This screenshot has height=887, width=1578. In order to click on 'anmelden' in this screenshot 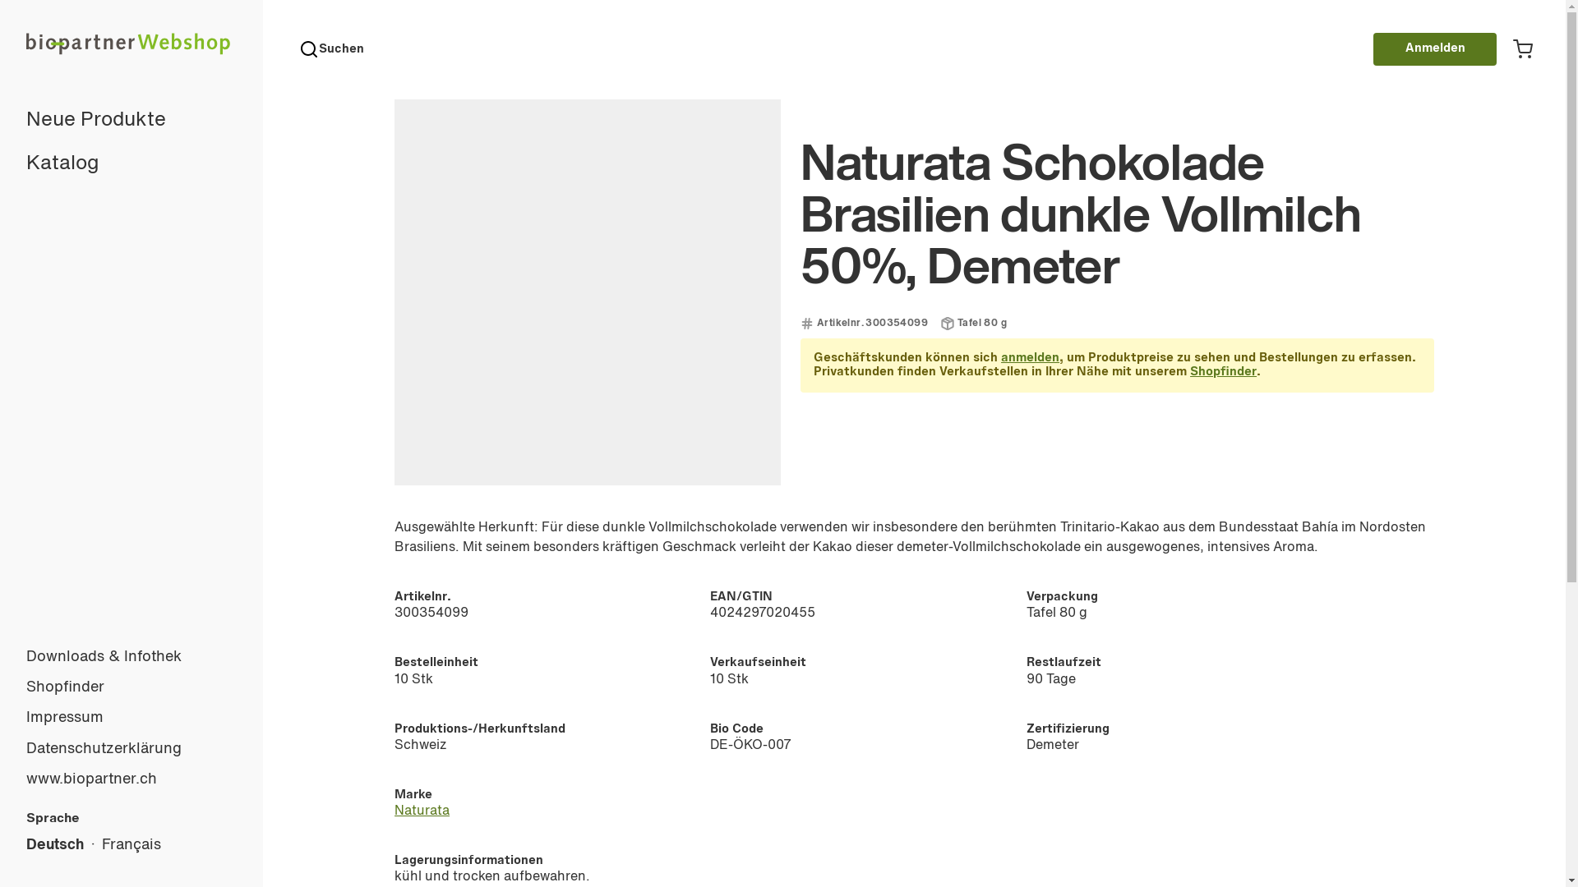, I will do `click(1029, 357)`.